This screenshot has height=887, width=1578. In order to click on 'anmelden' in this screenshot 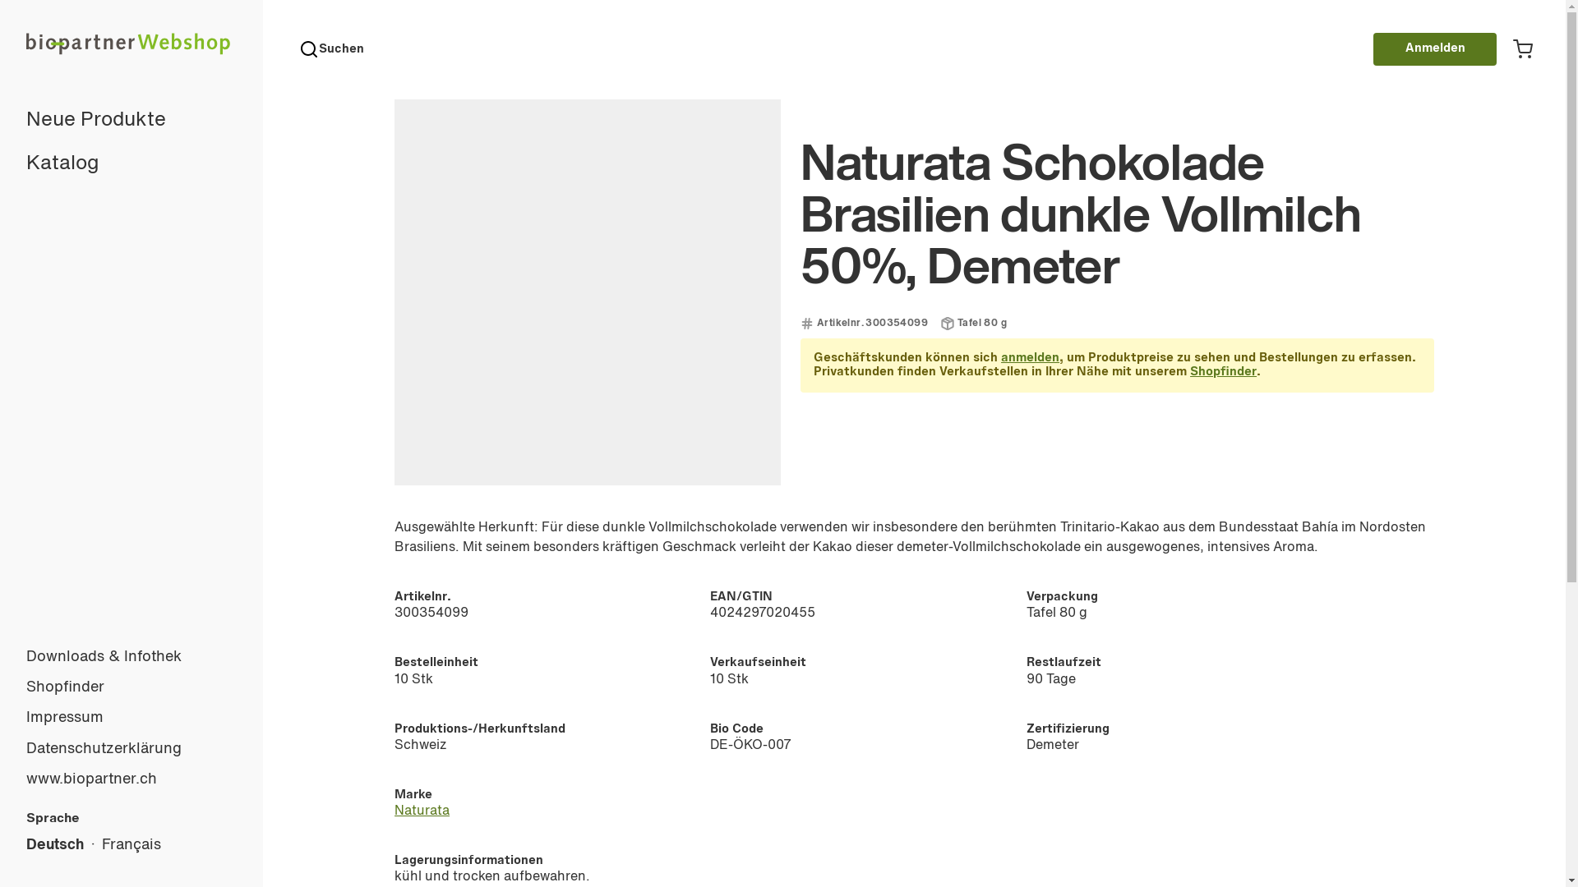, I will do `click(1029, 357)`.